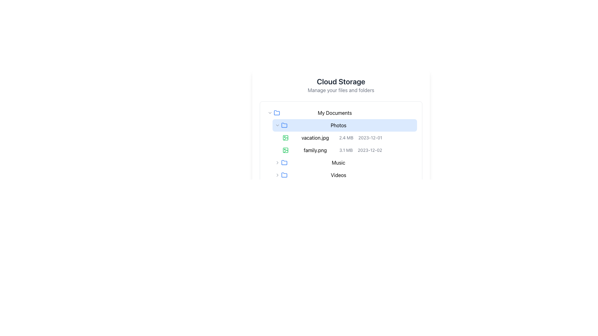  Describe the element at coordinates (340, 90) in the screenshot. I see `the descriptive text label providing context about the cloud storage feature, located directly below the 'Cloud Storage' heading` at that location.